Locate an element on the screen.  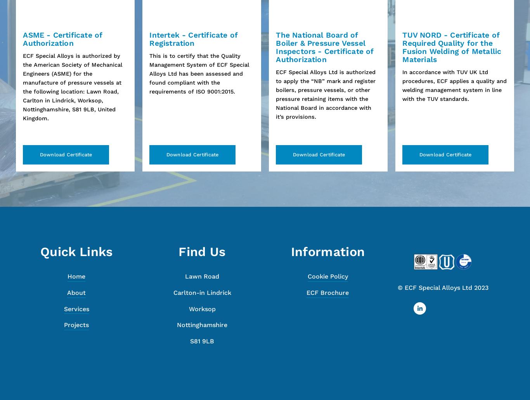
'Worksop' is located at coordinates (202, 308).